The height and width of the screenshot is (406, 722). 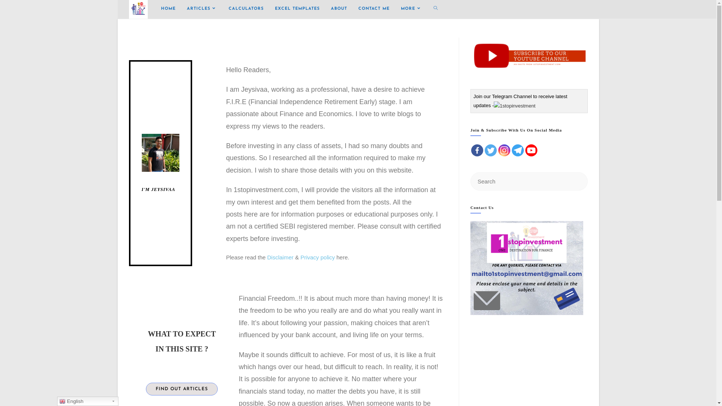 I want to click on 'EXCEL TEMPLATES', so click(x=297, y=9).